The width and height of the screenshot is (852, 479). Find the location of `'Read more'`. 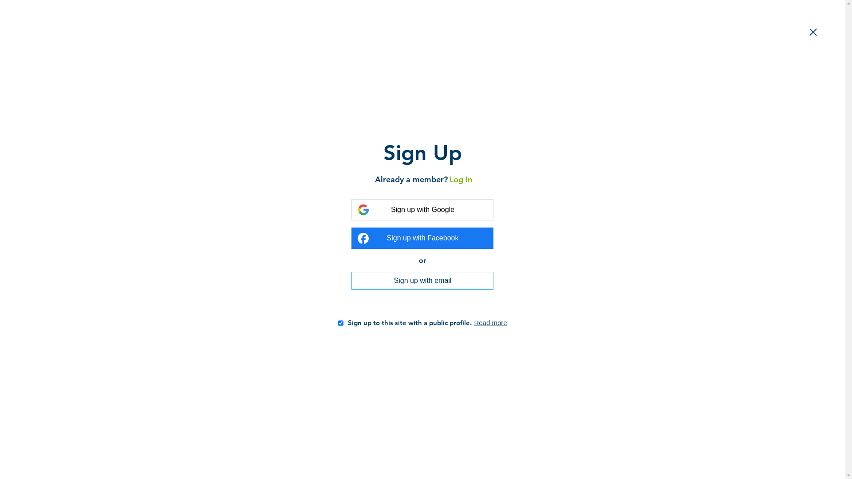

'Read more' is located at coordinates (489, 322).